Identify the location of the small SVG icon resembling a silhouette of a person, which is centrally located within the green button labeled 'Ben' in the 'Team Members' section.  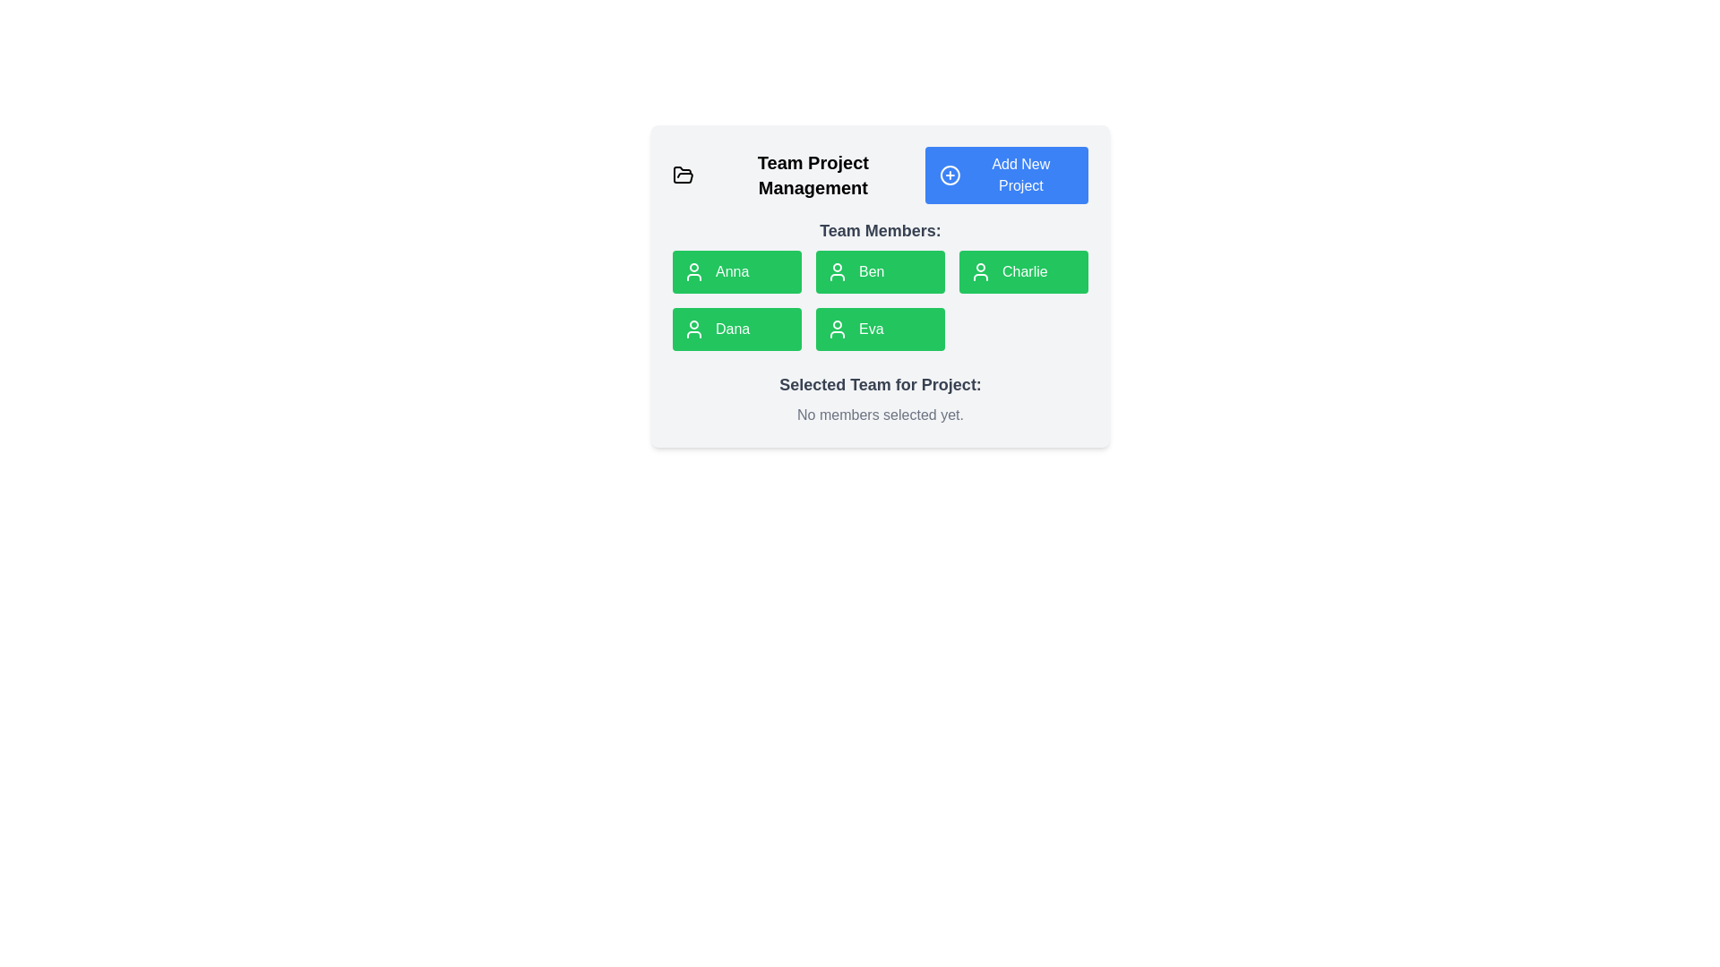
(837, 272).